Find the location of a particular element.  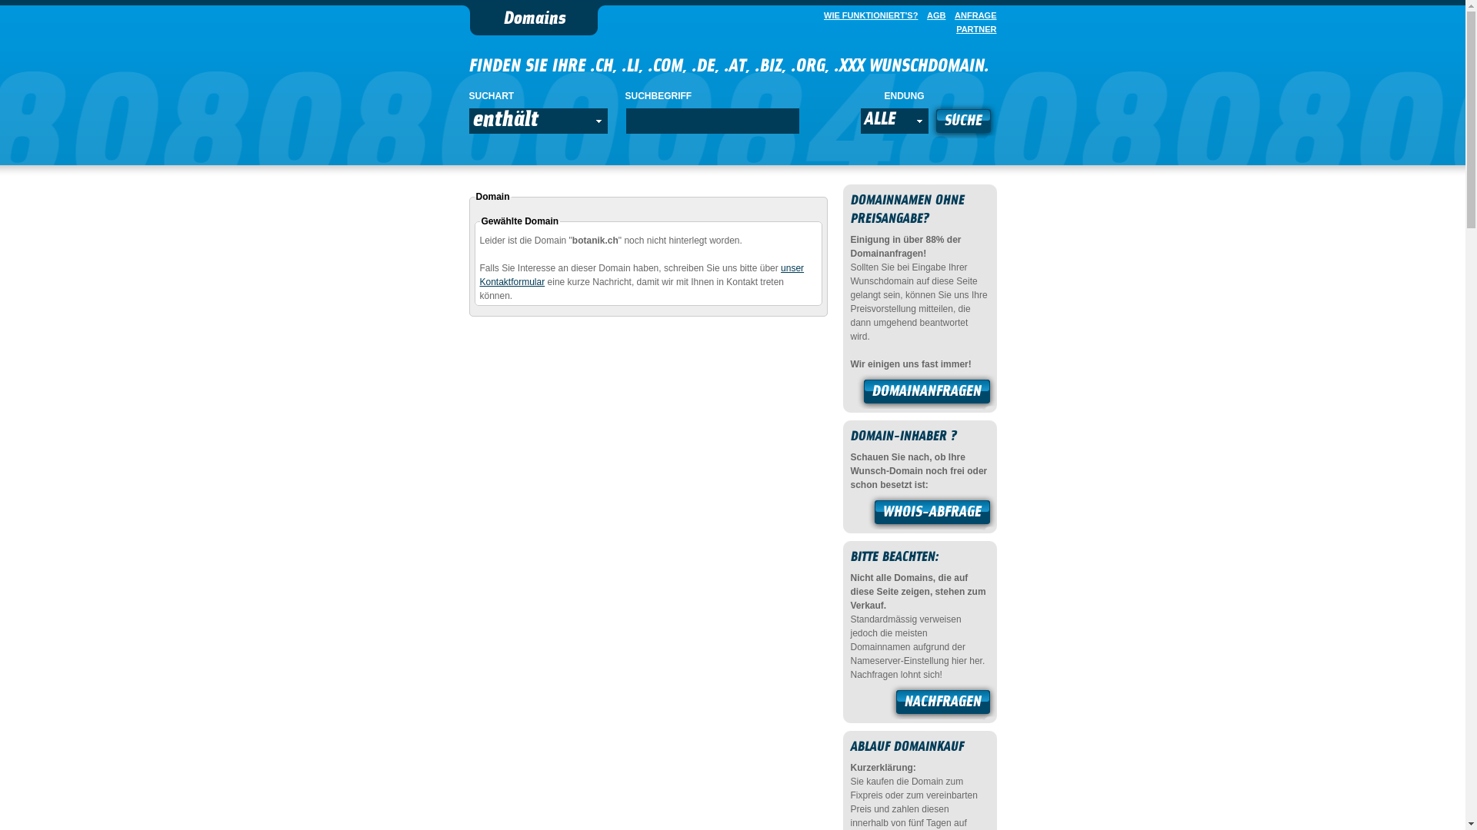

'SUCHE' is located at coordinates (962, 121).